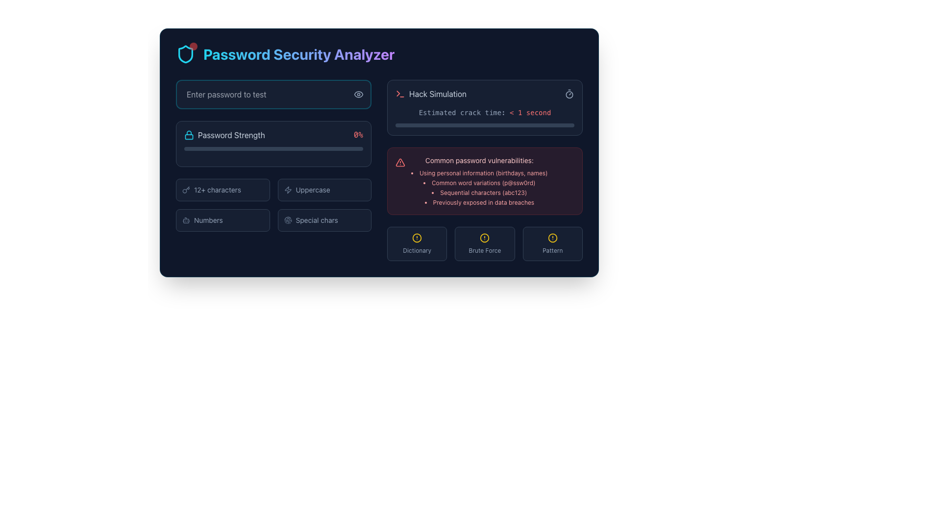 This screenshot has height=529, width=941. I want to click on the 'Brute Force' vulnerability type label, which is the middle label in a group of three horizontally aligned labels at the bottom of the interface, positioned between the 'Dictionary' and 'Pattern' labels, so click(485, 250).